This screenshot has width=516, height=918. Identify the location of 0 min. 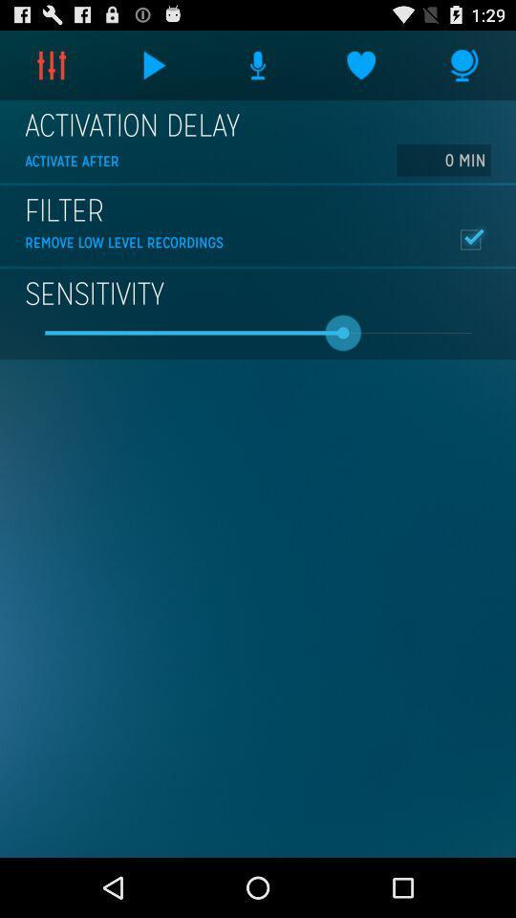
(443, 159).